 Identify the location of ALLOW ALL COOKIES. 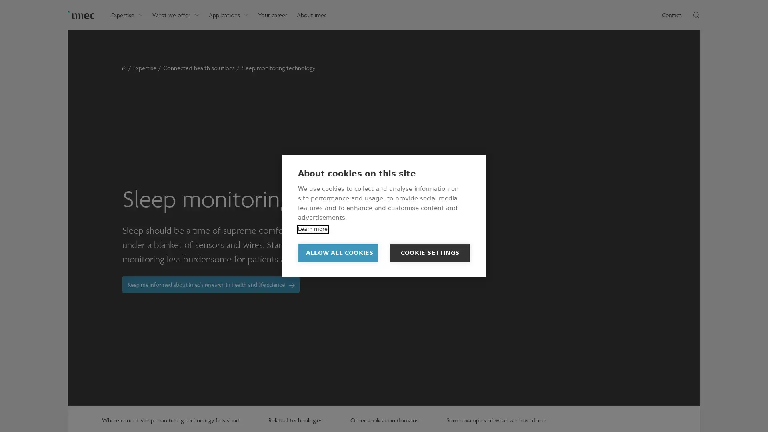
(338, 253).